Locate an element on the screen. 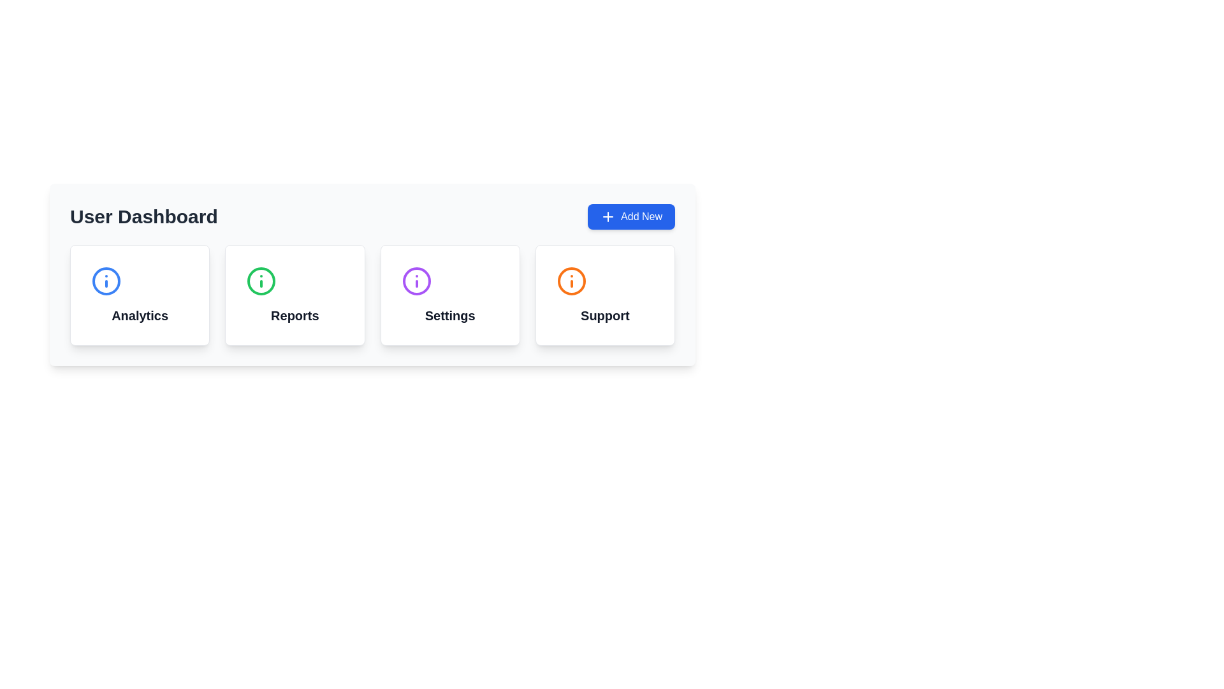 The image size is (1224, 689). the blue circle informational icon with a white outline containing an 'i' symbol, located in the 'Analytics' card on the User Dashboard is located at coordinates (106, 280).